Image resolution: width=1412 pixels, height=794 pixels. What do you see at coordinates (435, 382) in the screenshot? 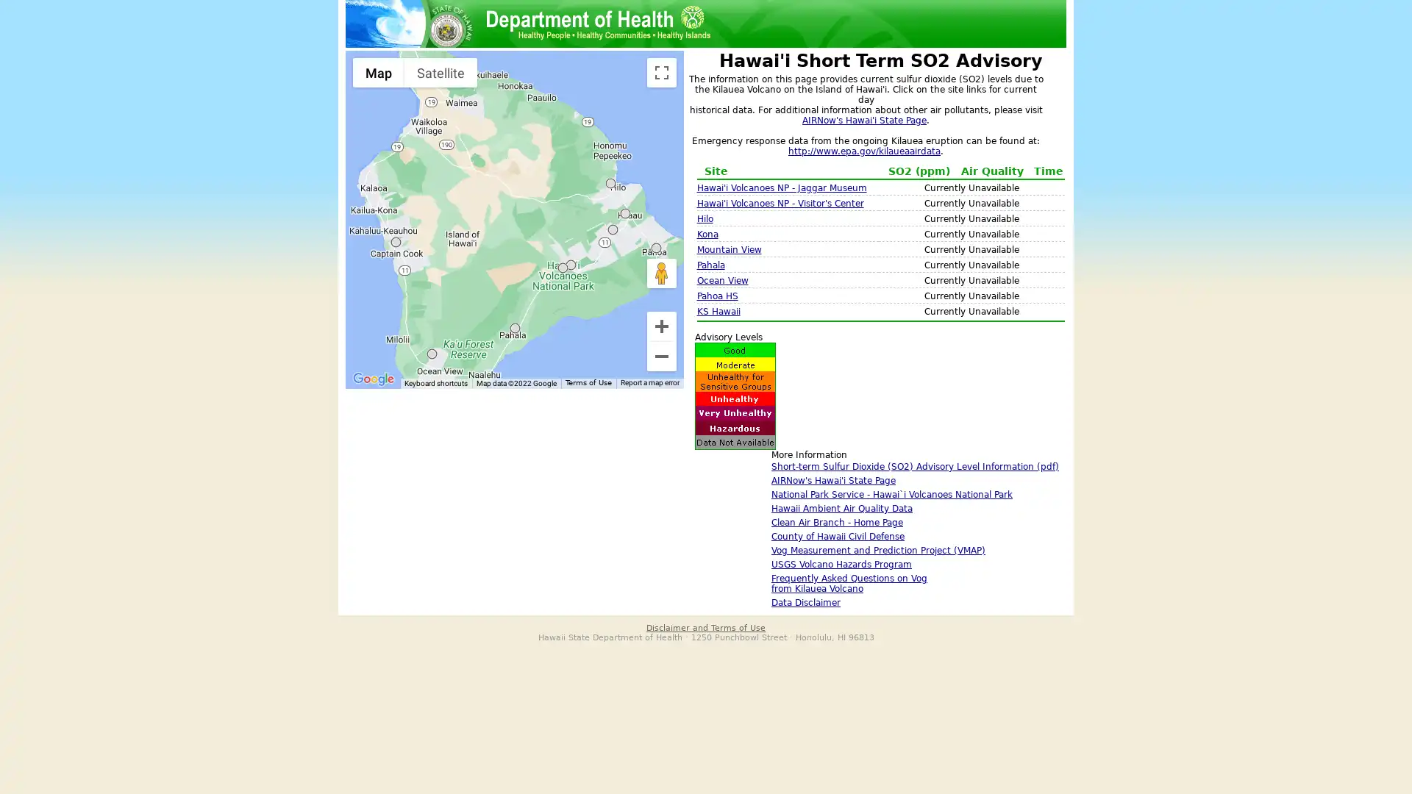
I see `Keyboard shortcuts` at bounding box center [435, 382].